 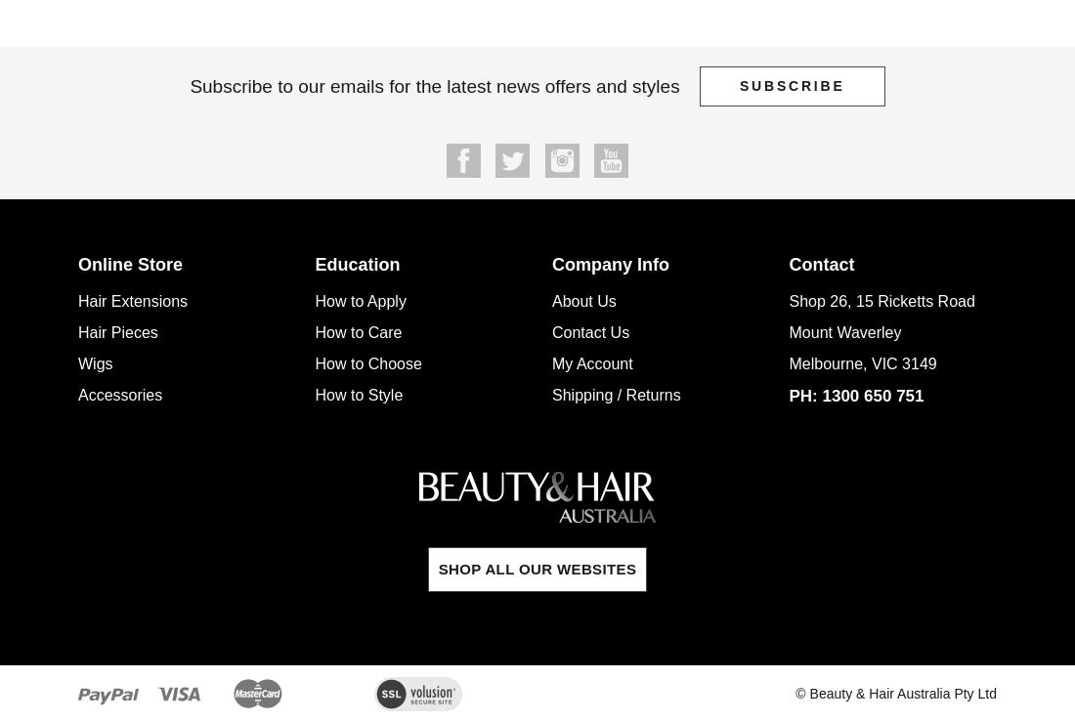 What do you see at coordinates (358, 394) in the screenshot?
I see `'How to Style'` at bounding box center [358, 394].